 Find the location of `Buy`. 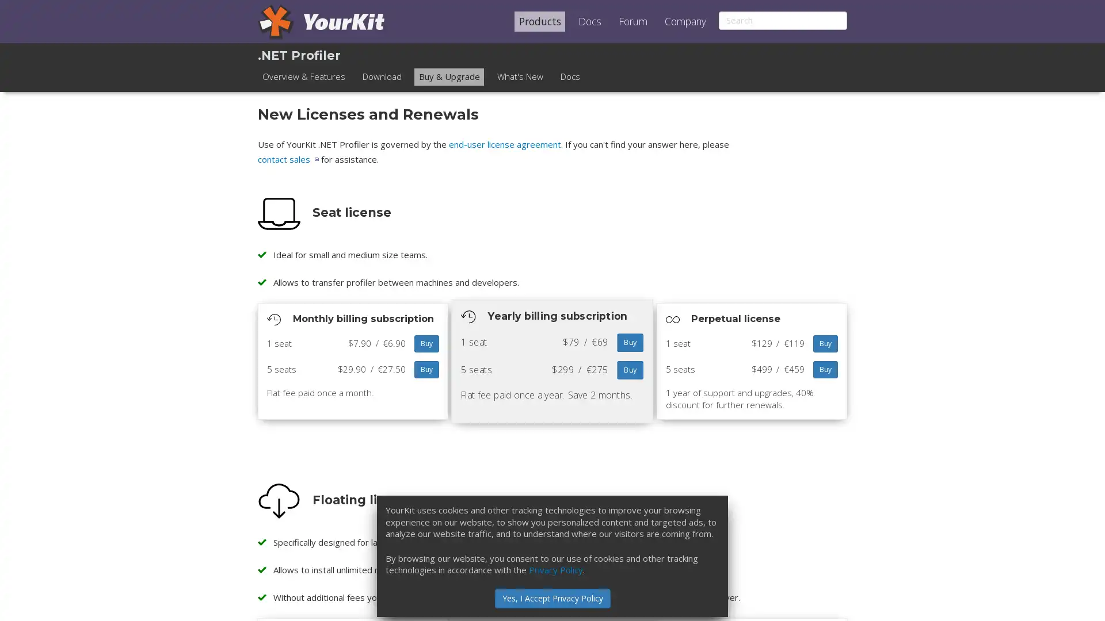

Buy is located at coordinates (426, 343).